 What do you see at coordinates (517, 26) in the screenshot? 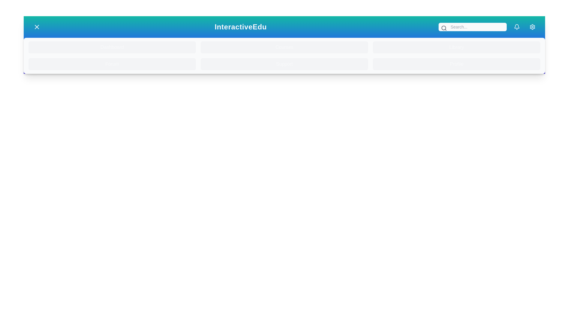
I see `the notification icon to view alerts` at bounding box center [517, 26].